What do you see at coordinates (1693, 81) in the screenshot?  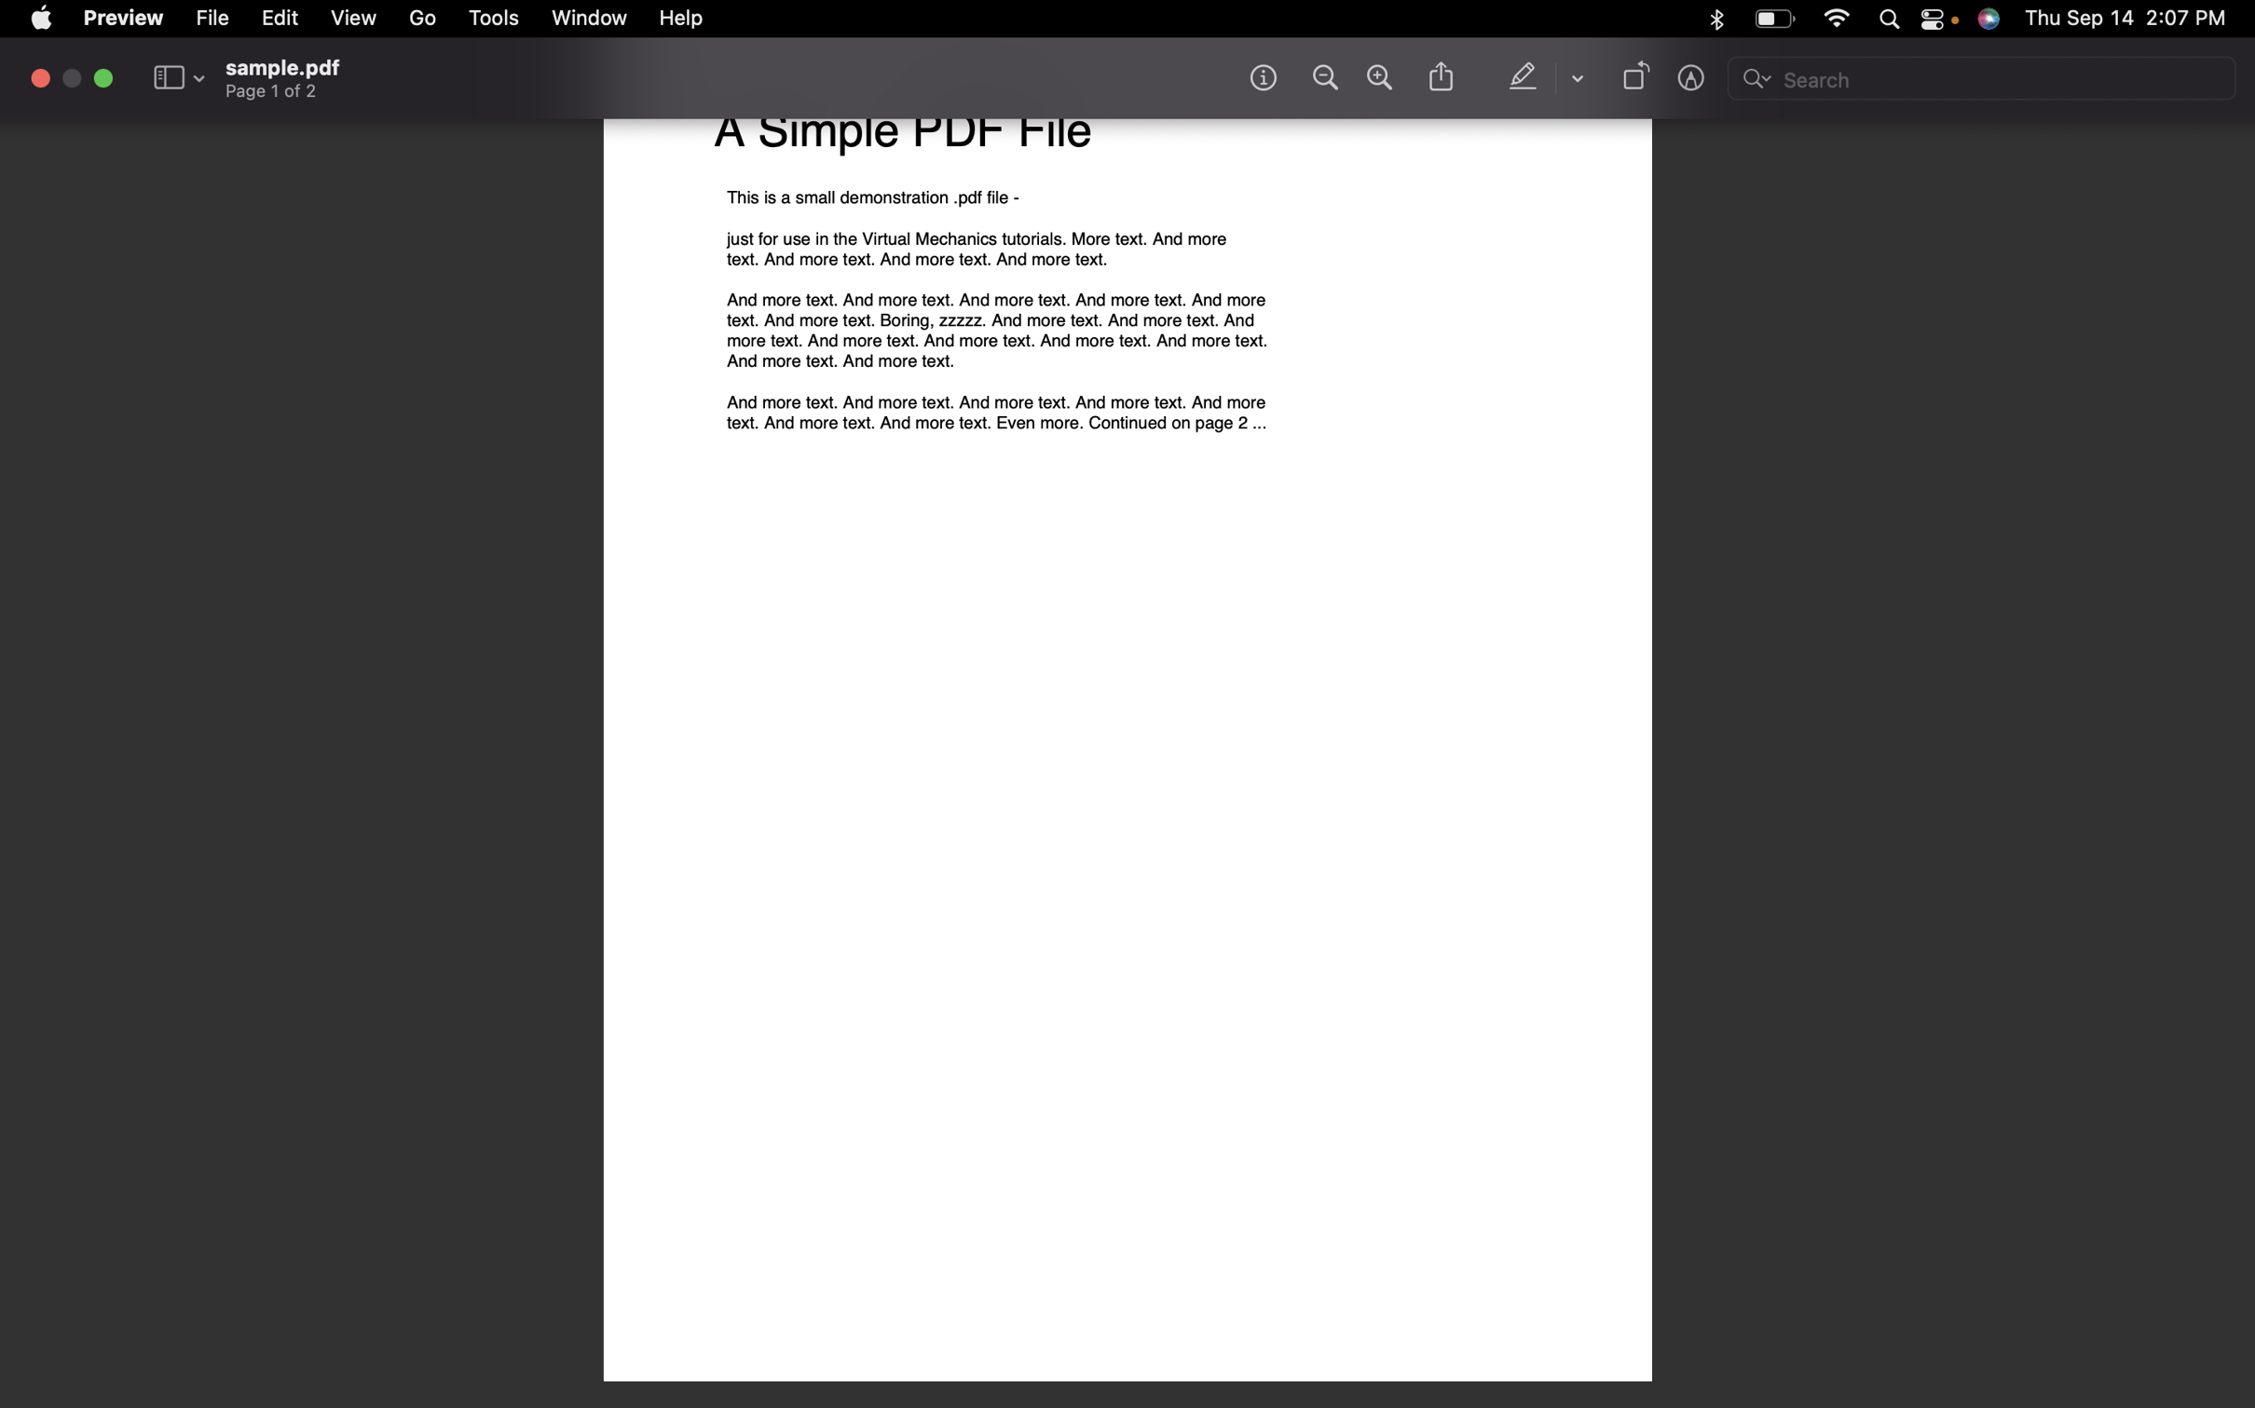 I see `Bring up the markup toolbar` at bounding box center [1693, 81].